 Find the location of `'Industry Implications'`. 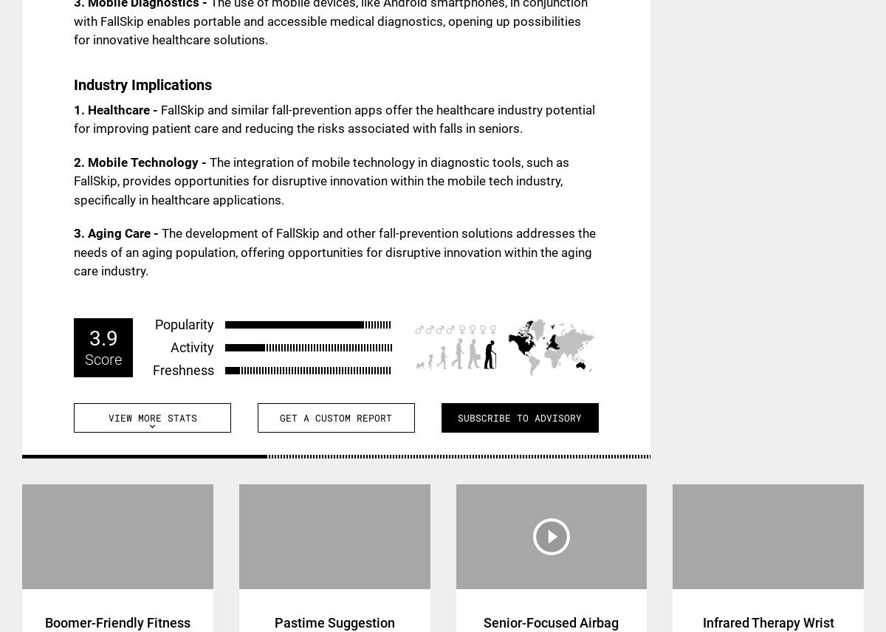

'Industry Implications' is located at coordinates (73, 83).